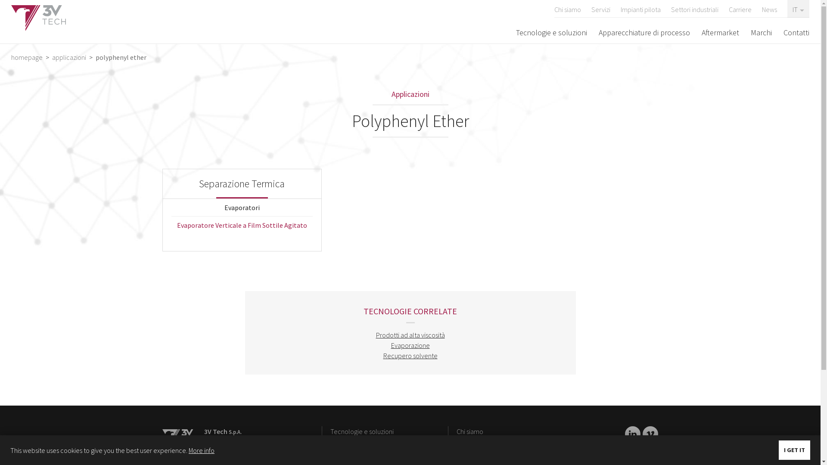 The width and height of the screenshot is (827, 465). I want to click on 'LinkedIn', so click(650, 434).